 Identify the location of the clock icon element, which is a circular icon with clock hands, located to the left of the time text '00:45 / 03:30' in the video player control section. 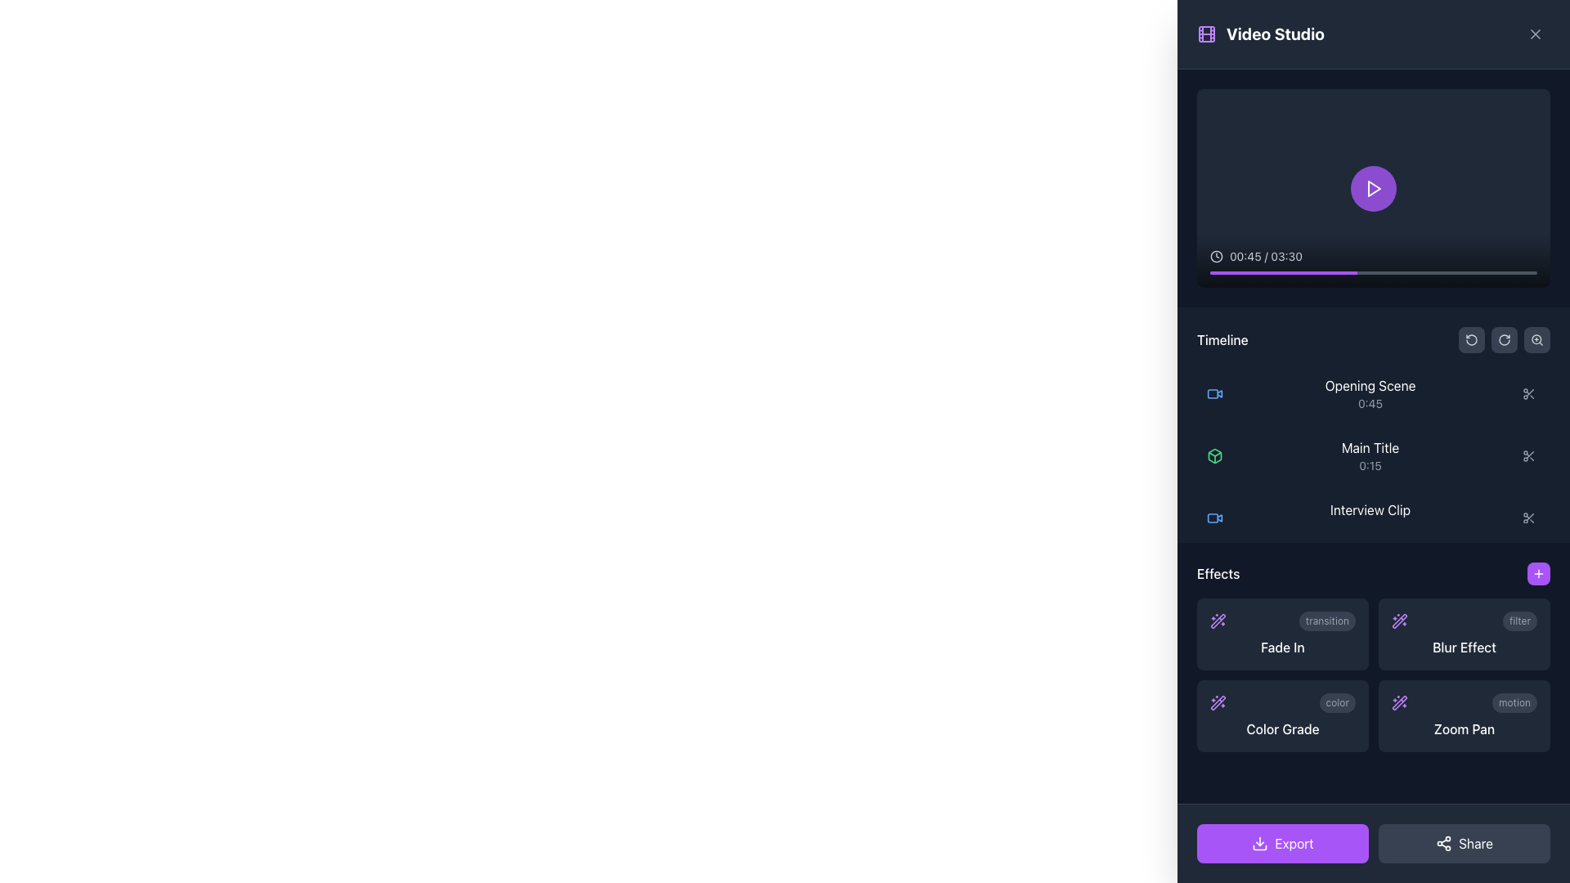
(1217, 256).